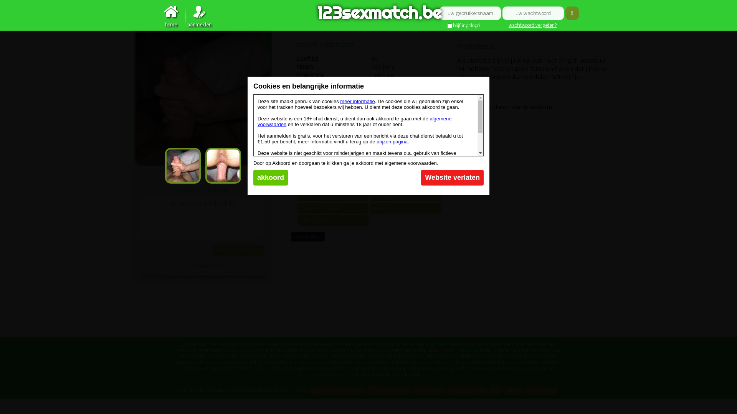  What do you see at coordinates (368, 13) in the screenshot?
I see `'123sexmatch.be'` at bounding box center [368, 13].